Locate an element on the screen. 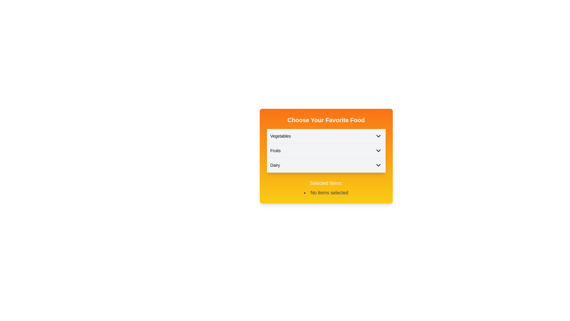  the 'Vegetables' text label is located at coordinates (280, 136).